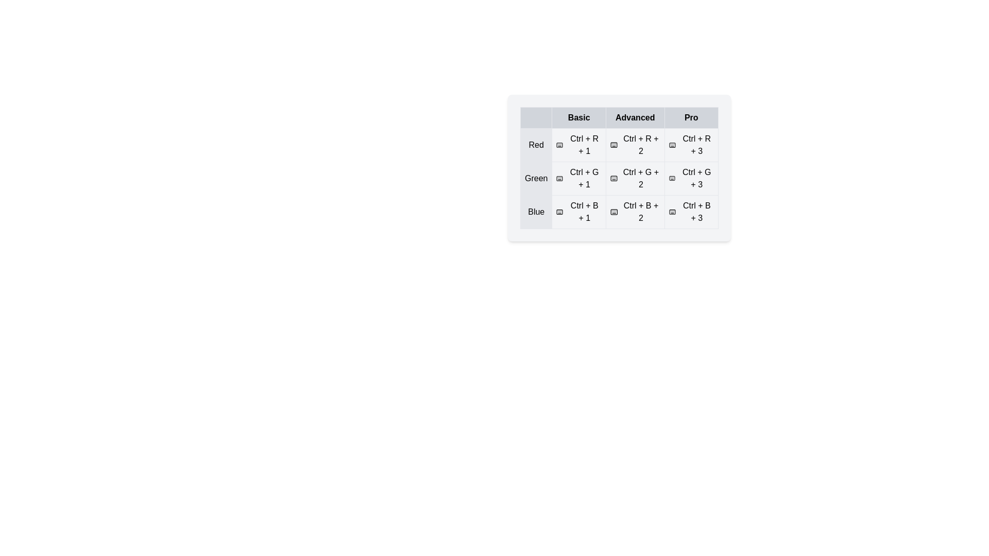  What do you see at coordinates (536, 212) in the screenshot?
I see `the 'Blue' Text Label, which is the first item in the last row under the 'Basic' column of the color category table` at bounding box center [536, 212].